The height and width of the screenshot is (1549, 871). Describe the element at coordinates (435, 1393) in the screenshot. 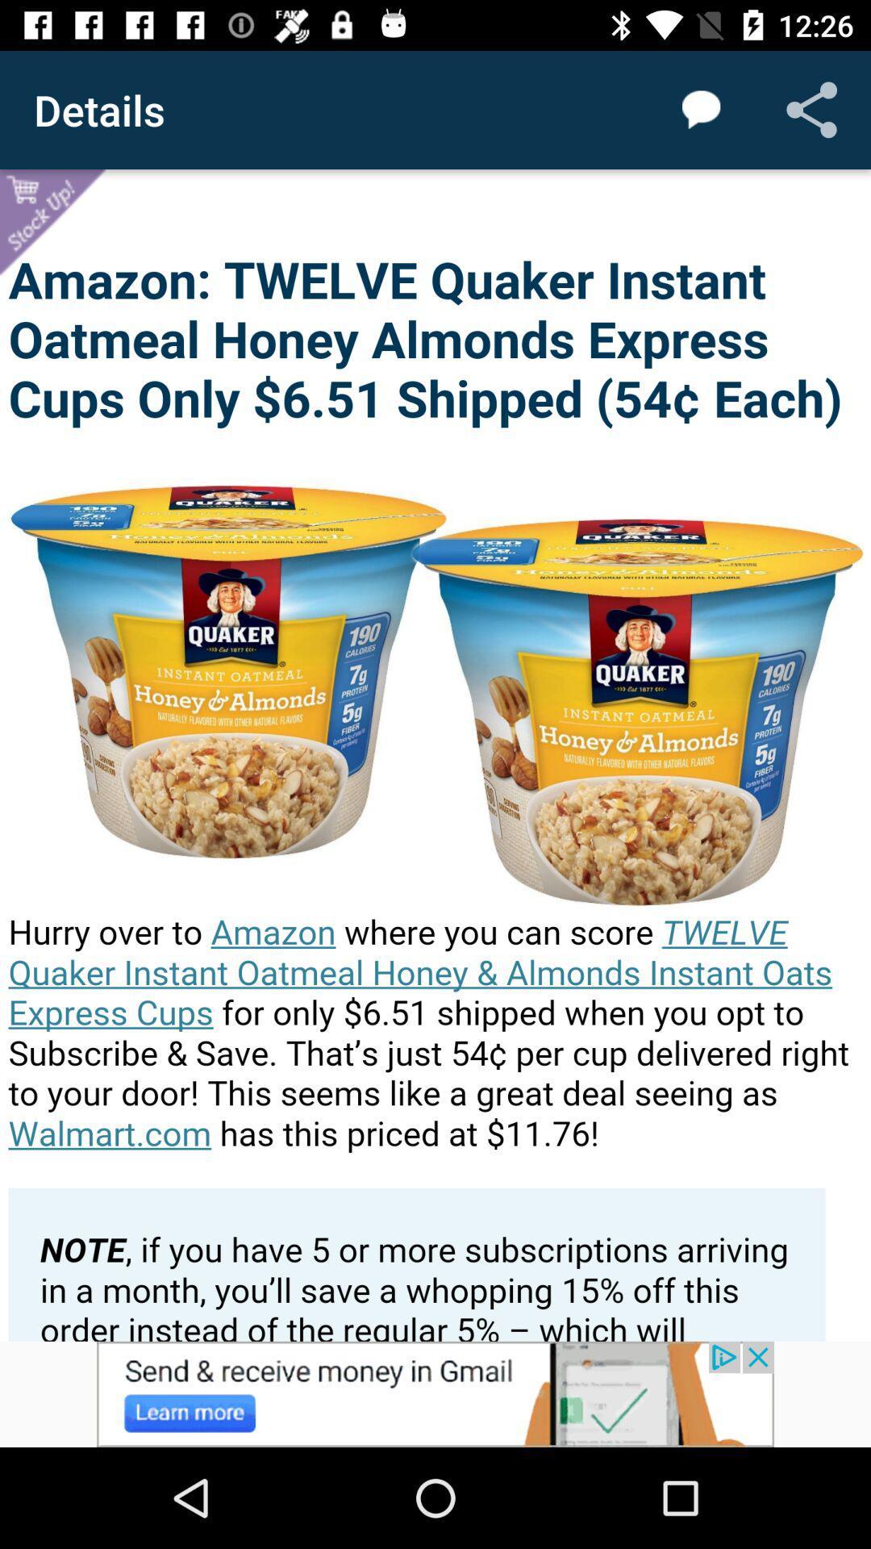

I see `click for more info` at that location.